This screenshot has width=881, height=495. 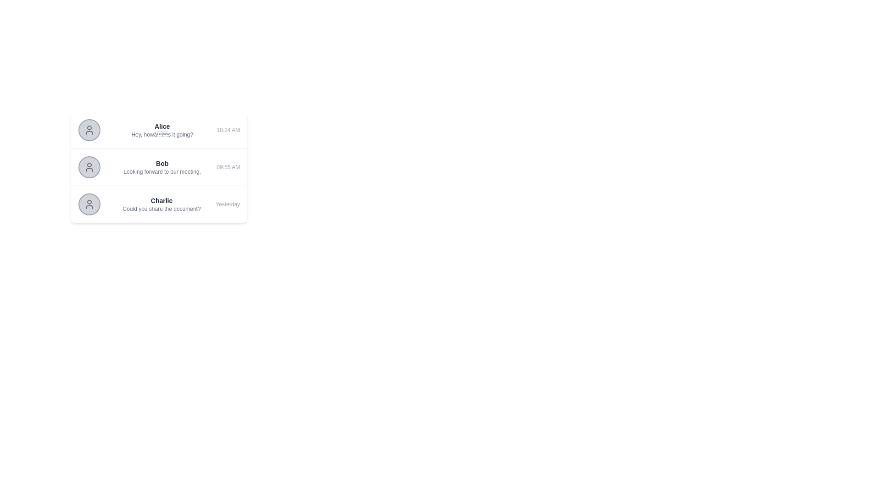 I want to click on the circular avatar placeholder for user 'Bob', so click(x=89, y=167).